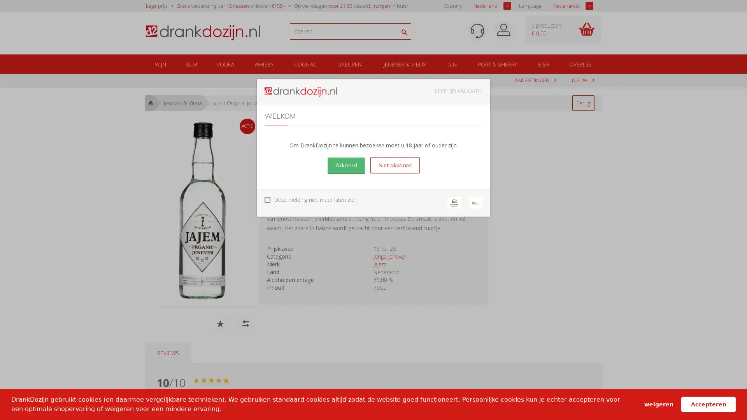  I want to click on Akkoord, so click(345, 164).